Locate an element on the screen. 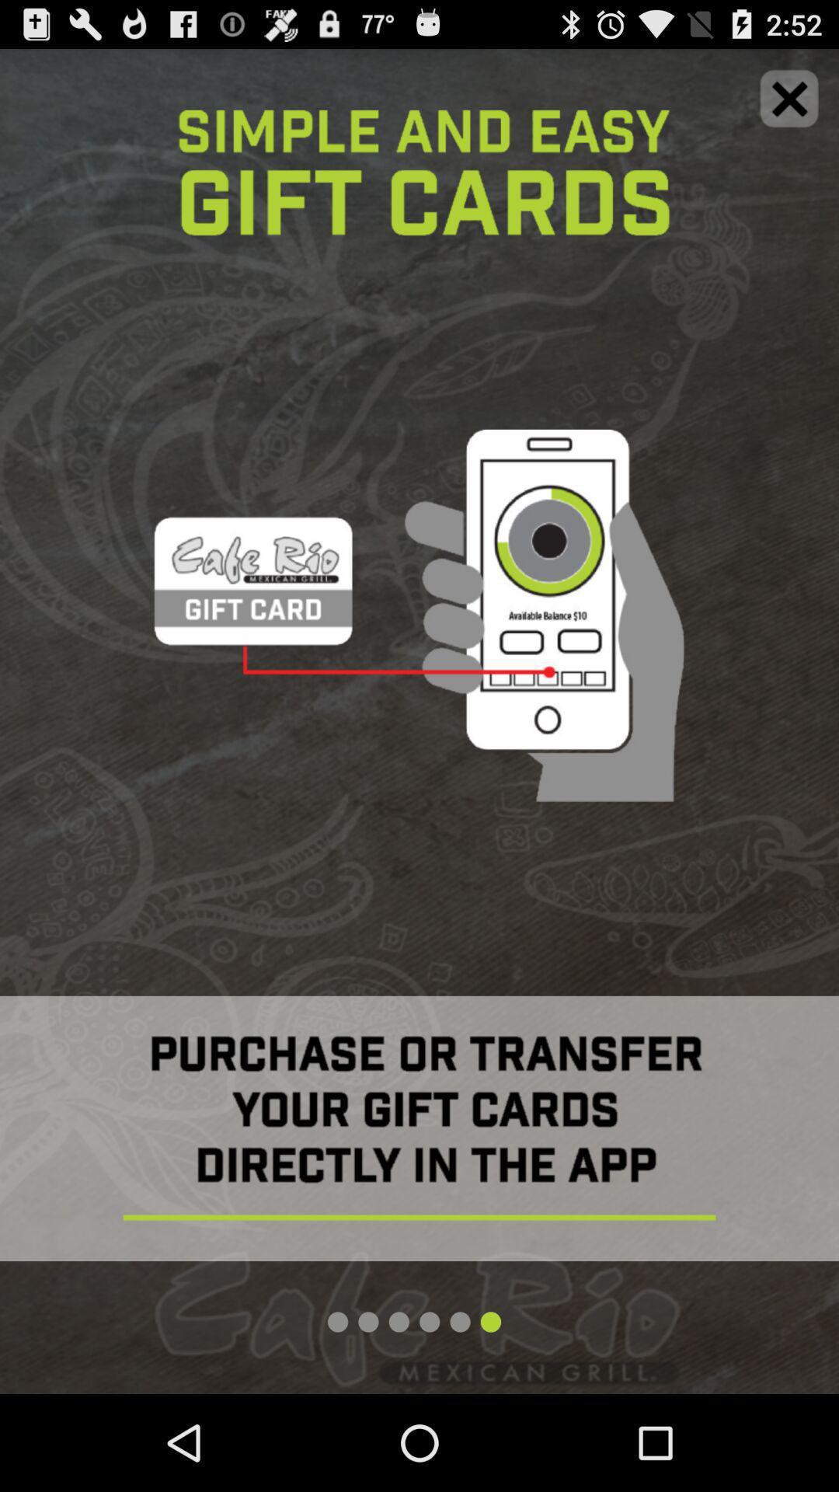 This screenshot has height=1492, width=839. closing icon is located at coordinates (789, 97).